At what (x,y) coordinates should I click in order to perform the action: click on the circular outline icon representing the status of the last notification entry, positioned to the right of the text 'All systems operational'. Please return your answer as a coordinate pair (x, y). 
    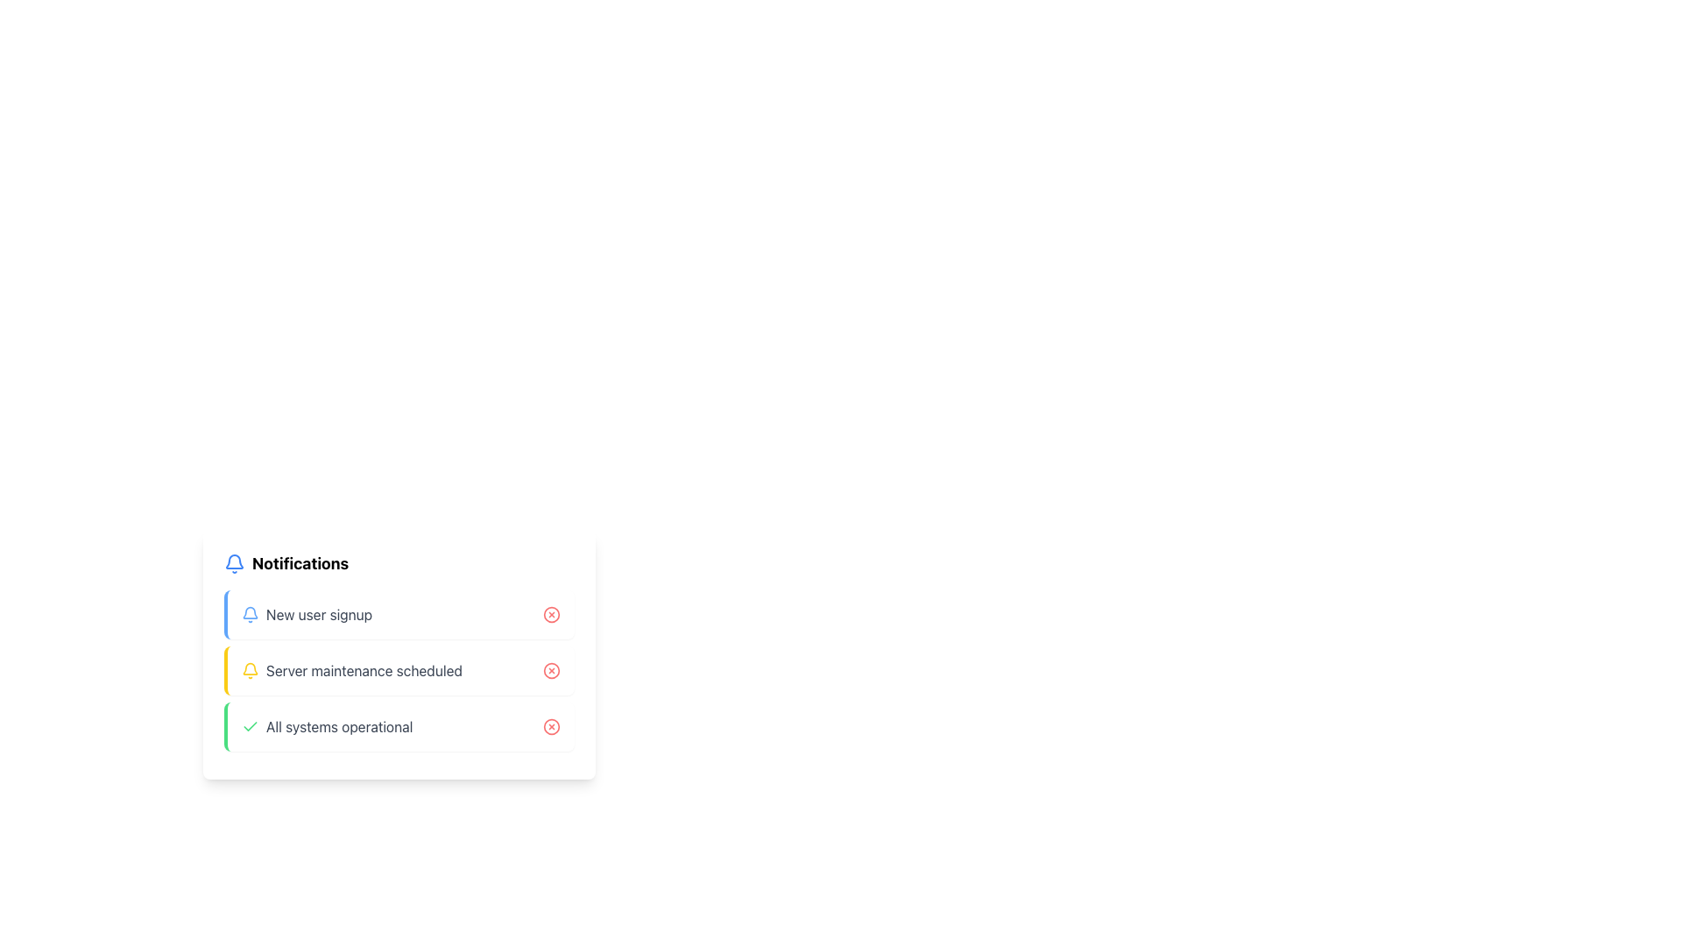
    Looking at the image, I should click on (550, 726).